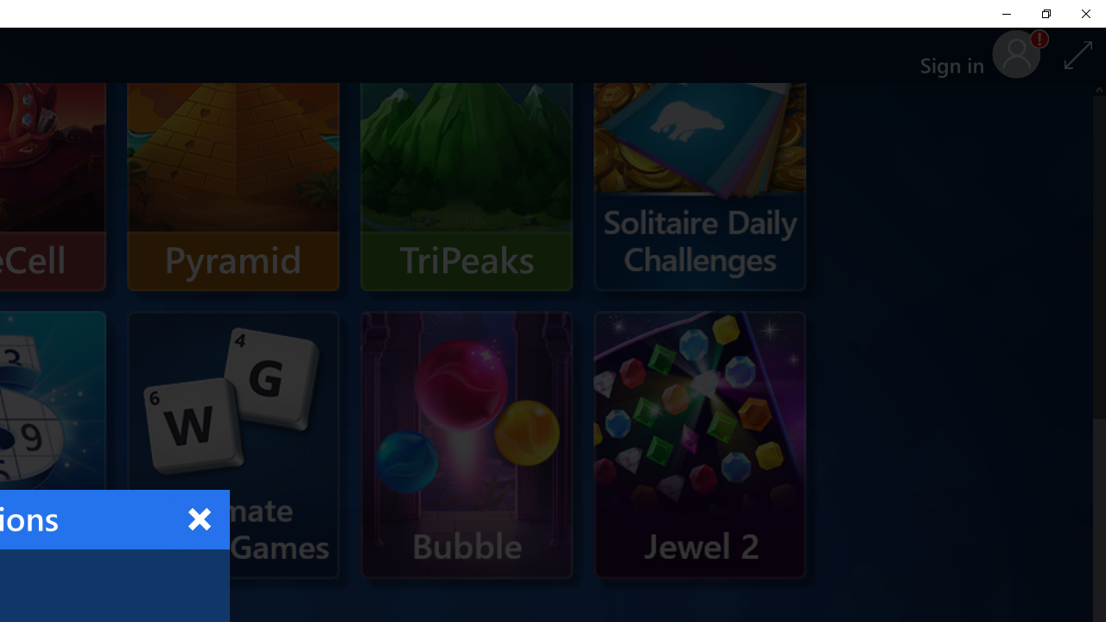  I want to click on 'Pyramid', so click(232, 157).